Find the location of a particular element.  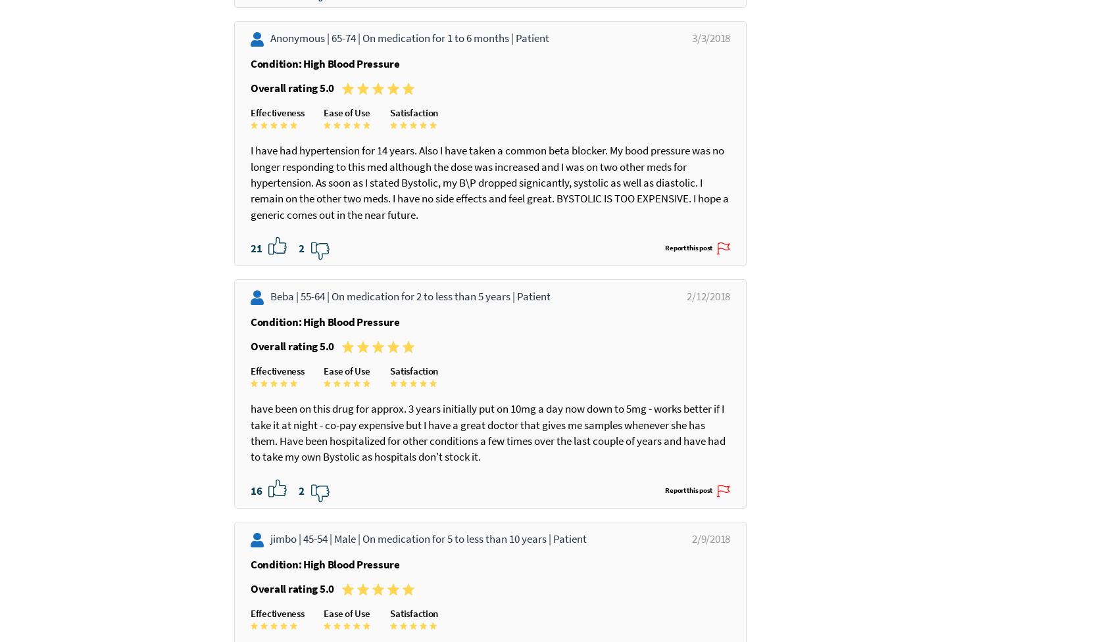

'4' is located at coordinates (301, 101).